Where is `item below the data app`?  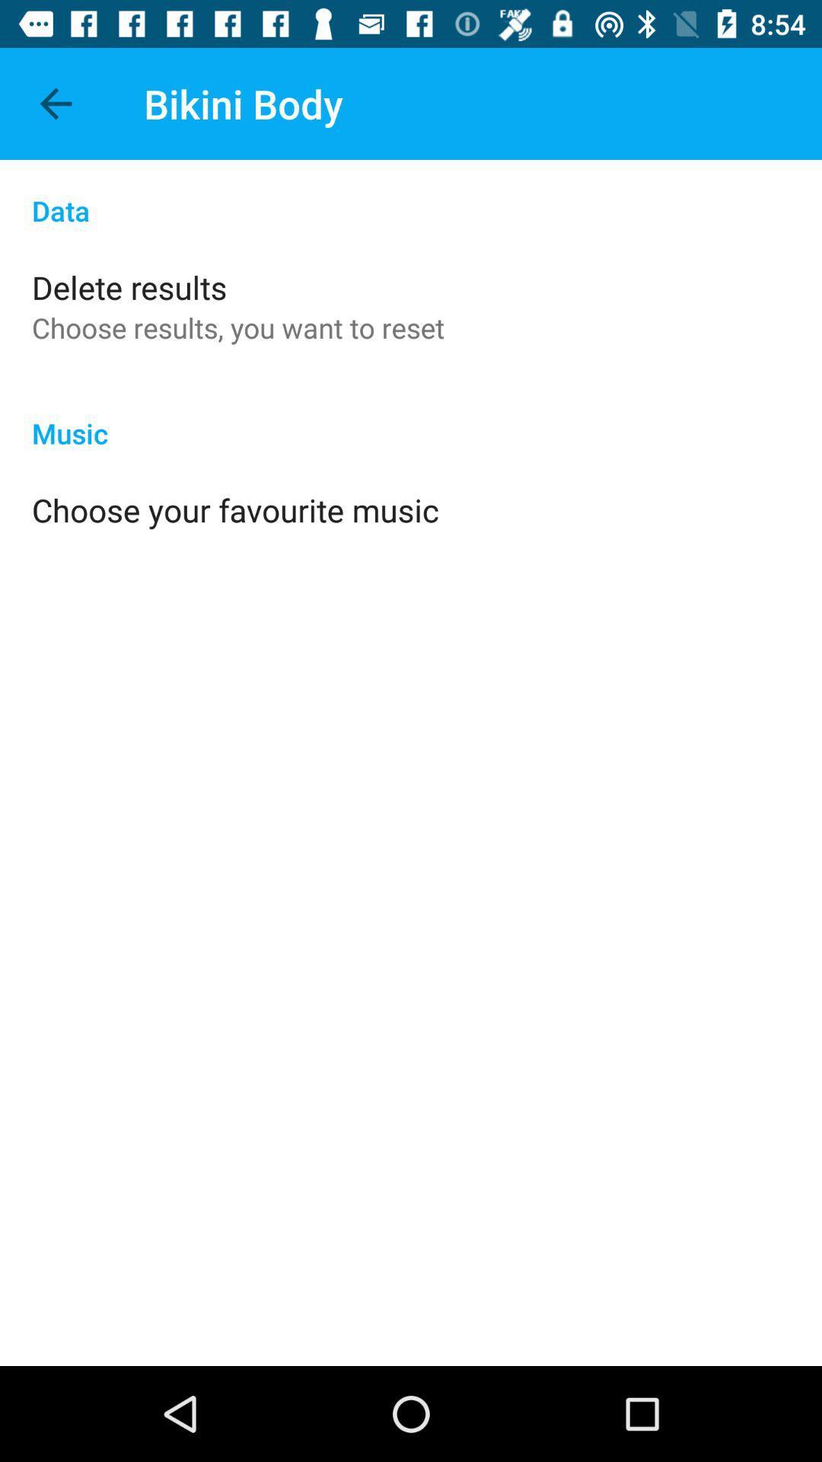
item below the data app is located at coordinates (129, 287).